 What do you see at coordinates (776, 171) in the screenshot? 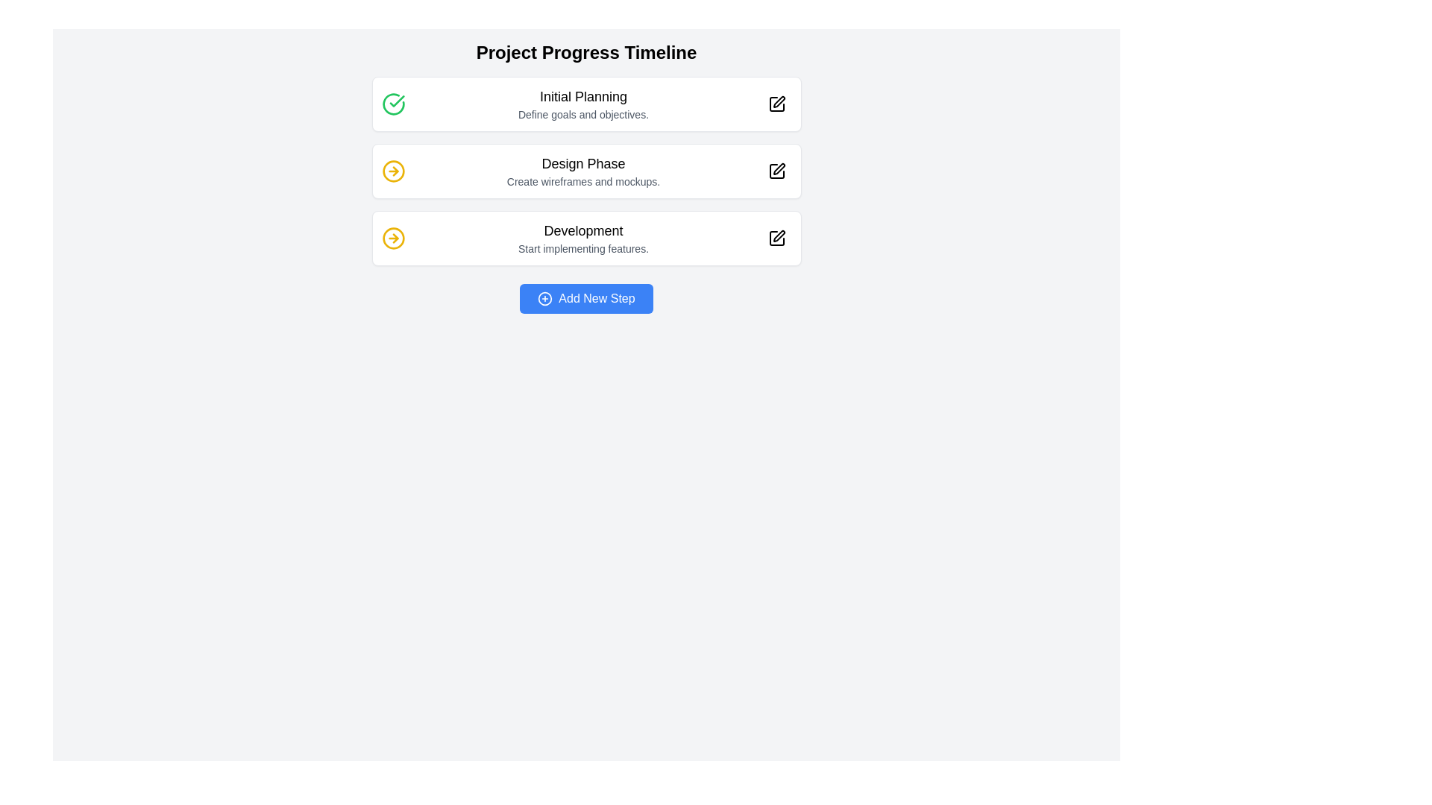
I see `the icon button located at the right end of the second row (Design Phase) in the vertical list` at bounding box center [776, 171].